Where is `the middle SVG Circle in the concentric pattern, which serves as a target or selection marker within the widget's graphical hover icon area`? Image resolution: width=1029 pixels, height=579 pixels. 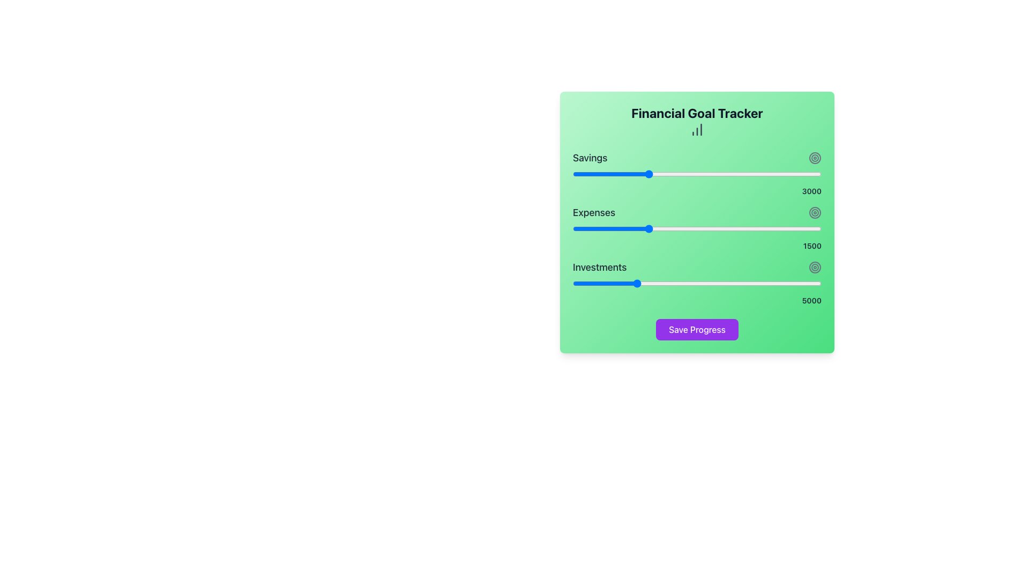 the middle SVG Circle in the concentric pattern, which serves as a target or selection marker within the widget's graphical hover icon area is located at coordinates (815, 266).